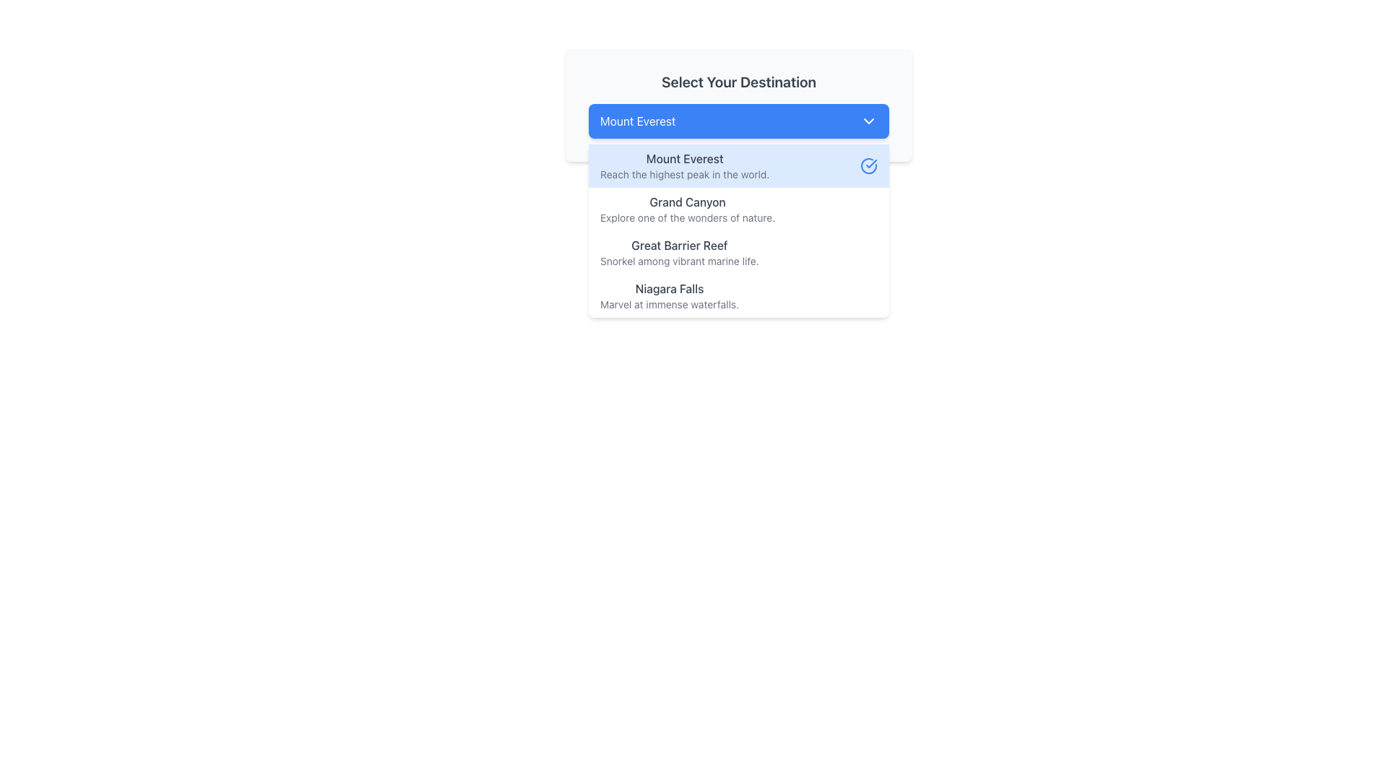 The height and width of the screenshot is (780, 1387). What do you see at coordinates (738, 209) in the screenshot?
I see `the second item in the dropdown menu that represents 'Grand Canyon'` at bounding box center [738, 209].